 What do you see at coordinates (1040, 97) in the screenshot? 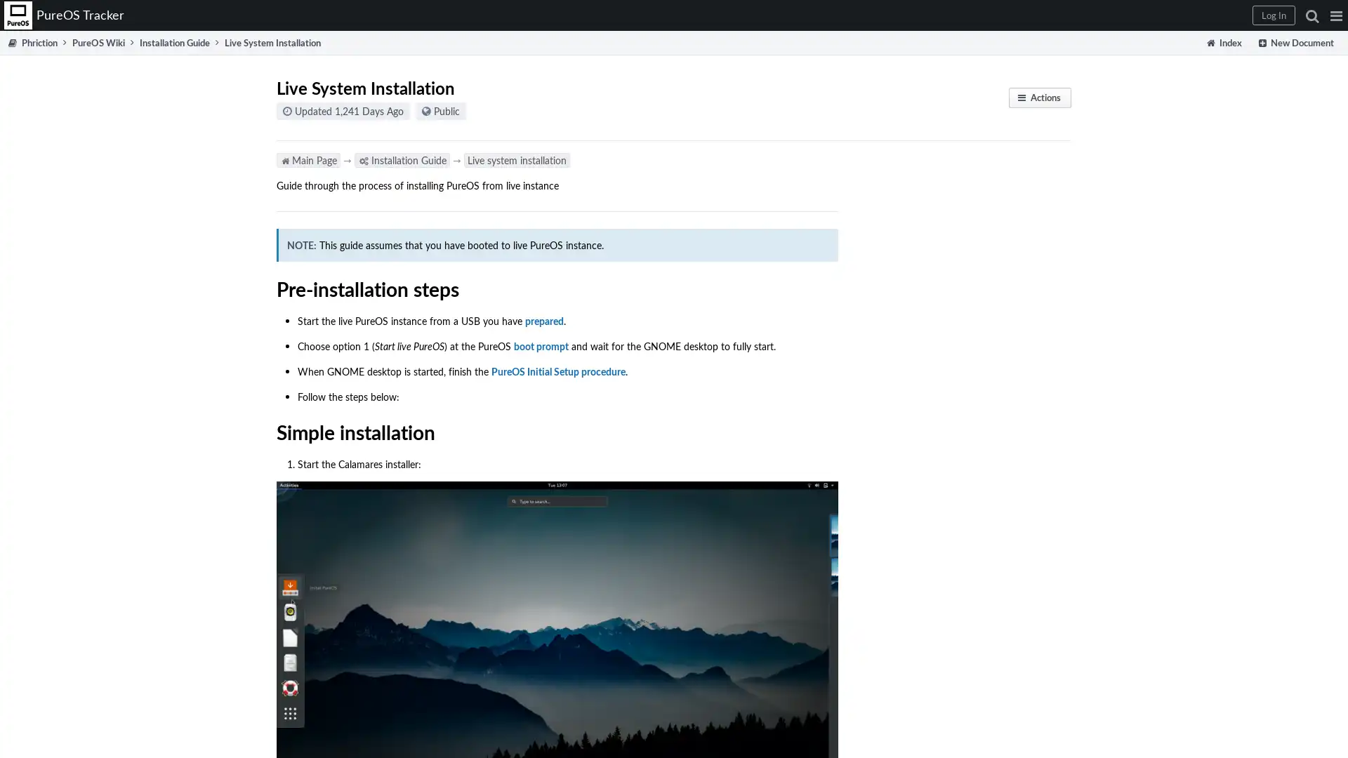
I see `Actions` at bounding box center [1040, 97].